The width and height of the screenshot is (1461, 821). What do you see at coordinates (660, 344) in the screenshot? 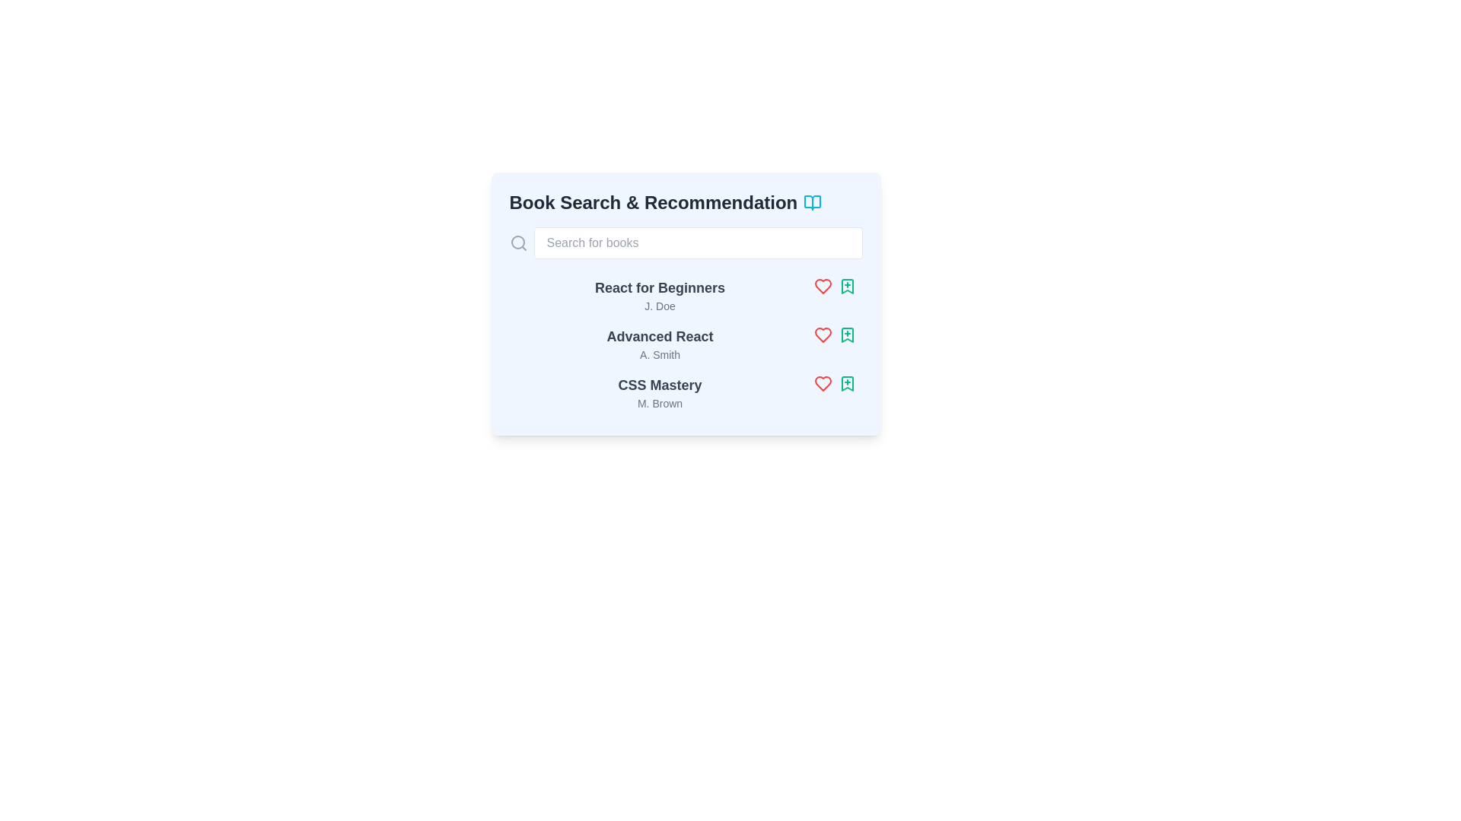
I see `the second list item that provides details about a book, located between 'React for Beginners' and 'CSS Mastery'` at bounding box center [660, 344].